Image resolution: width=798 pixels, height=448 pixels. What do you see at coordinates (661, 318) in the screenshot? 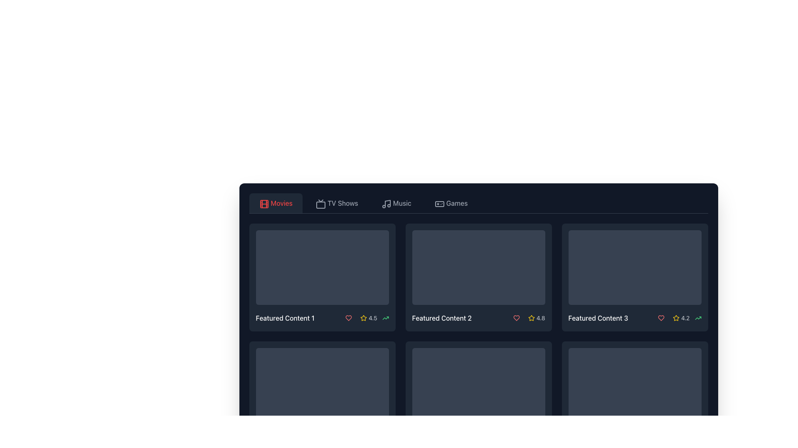
I see `the heart icon located in the lower-right section of the row showing 'Featured Content 3'` at bounding box center [661, 318].